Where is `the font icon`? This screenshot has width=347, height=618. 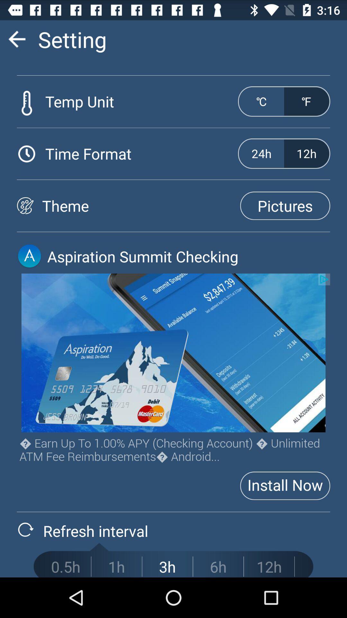 the font icon is located at coordinates (29, 274).